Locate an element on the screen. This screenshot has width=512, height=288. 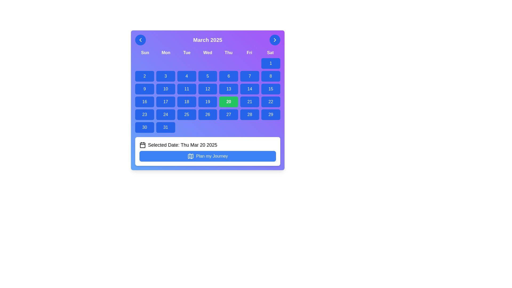
the button representing the 12th day of the month in the calendar grid under the 'Wed' column is located at coordinates (207, 89).